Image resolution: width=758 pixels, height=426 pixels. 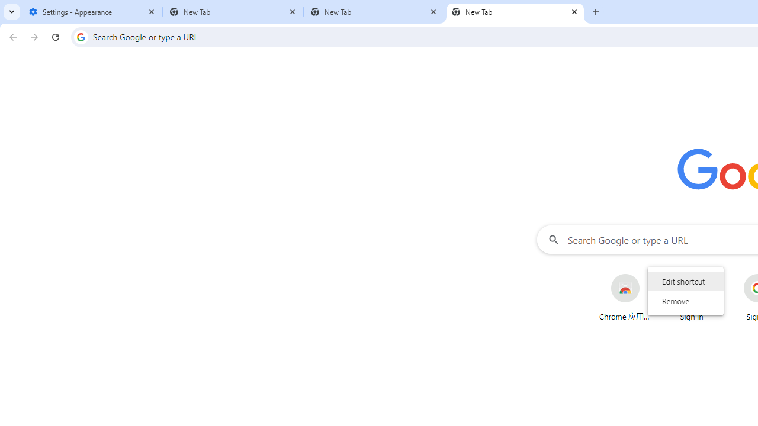 What do you see at coordinates (686, 300) in the screenshot?
I see `'Remove'` at bounding box center [686, 300].